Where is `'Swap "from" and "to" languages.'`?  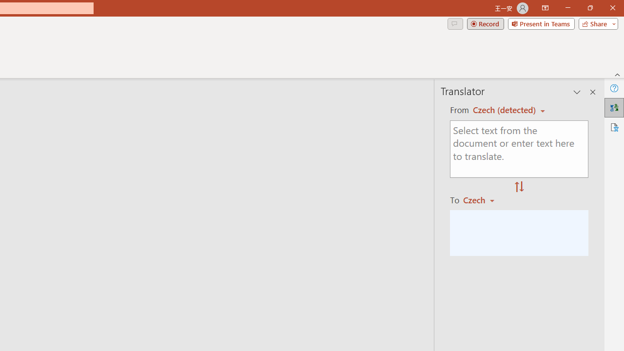
'Swap "from" and "to" languages.' is located at coordinates (519, 187).